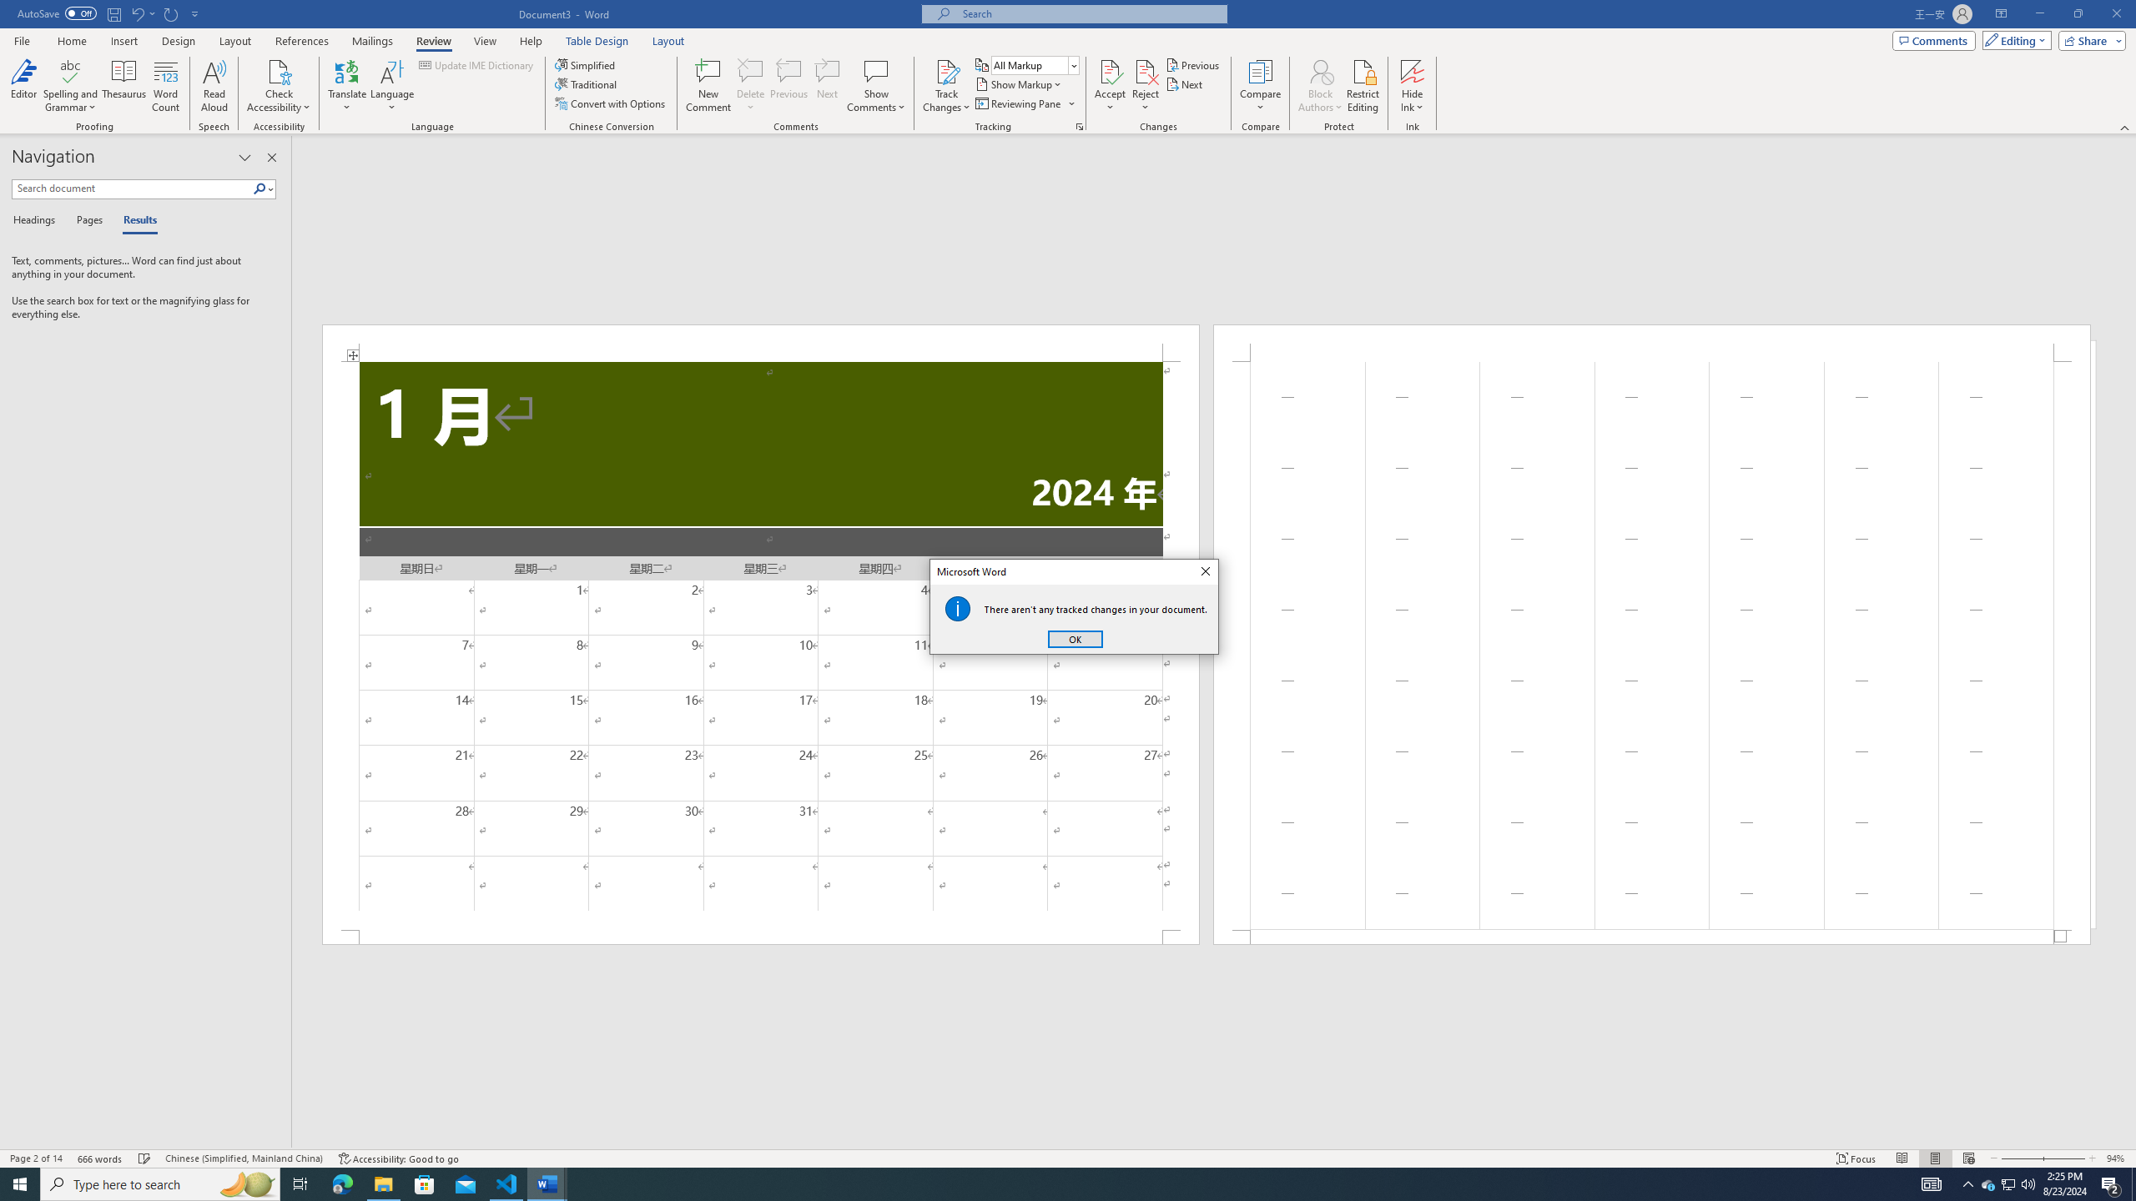  What do you see at coordinates (749, 70) in the screenshot?
I see `'Delete'` at bounding box center [749, 70].